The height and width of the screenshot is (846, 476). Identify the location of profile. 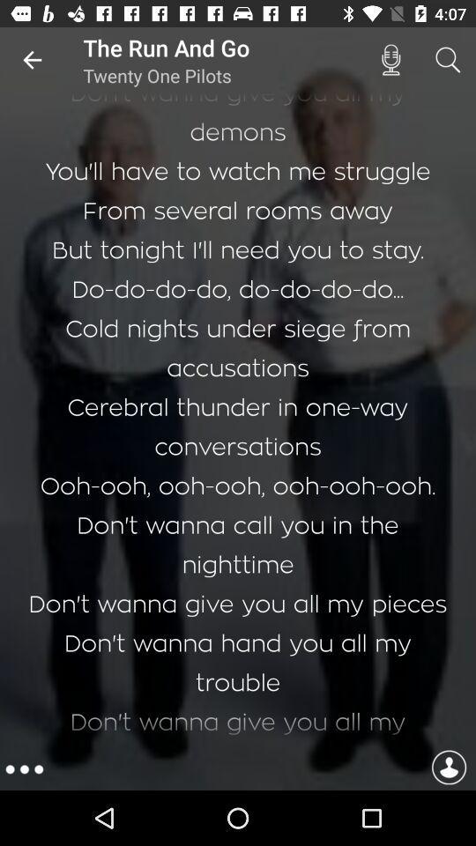
(449, 768).